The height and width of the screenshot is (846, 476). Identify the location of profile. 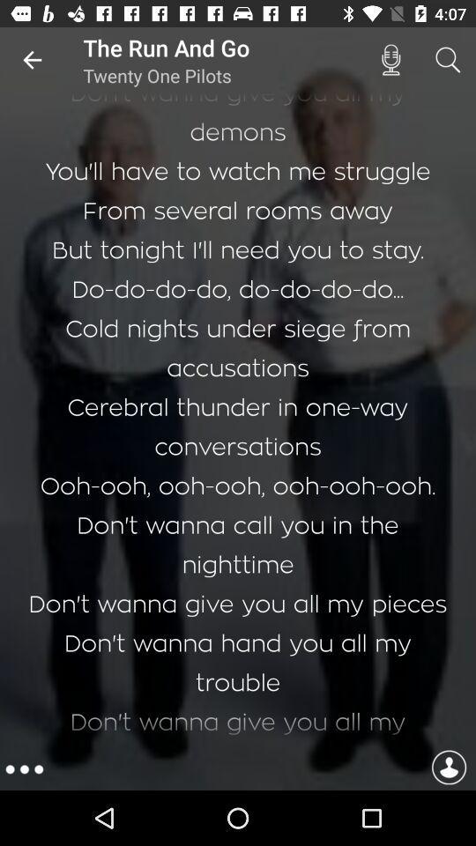
(449, 768).